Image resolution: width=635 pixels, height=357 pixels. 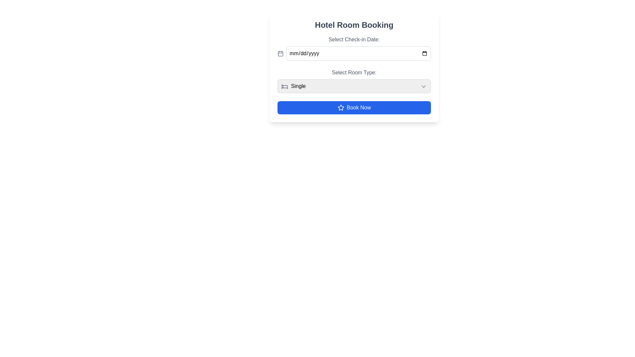 What do you see at coordinates (354, 25) in the screenshot?
I see `the Text header that serves as the title for the booking form, which is located at the top of the card layout and is centered horizontally` at bounding box center [354, 25].